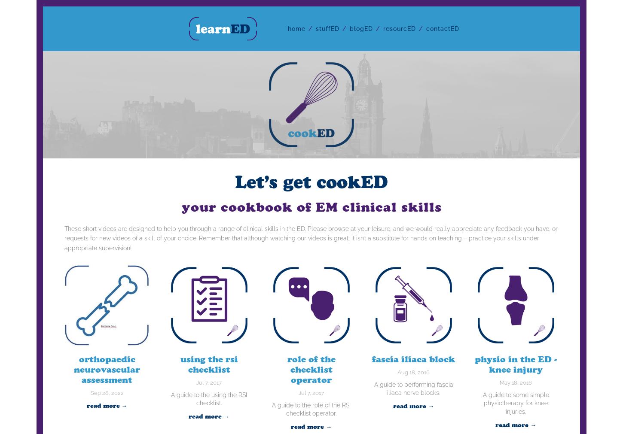 This screenshot has width=623, height=434. Describe the element at coordinates (209, 399) in the screenshot. I see `'A guide to the using the RSI checklist.'` at that location.